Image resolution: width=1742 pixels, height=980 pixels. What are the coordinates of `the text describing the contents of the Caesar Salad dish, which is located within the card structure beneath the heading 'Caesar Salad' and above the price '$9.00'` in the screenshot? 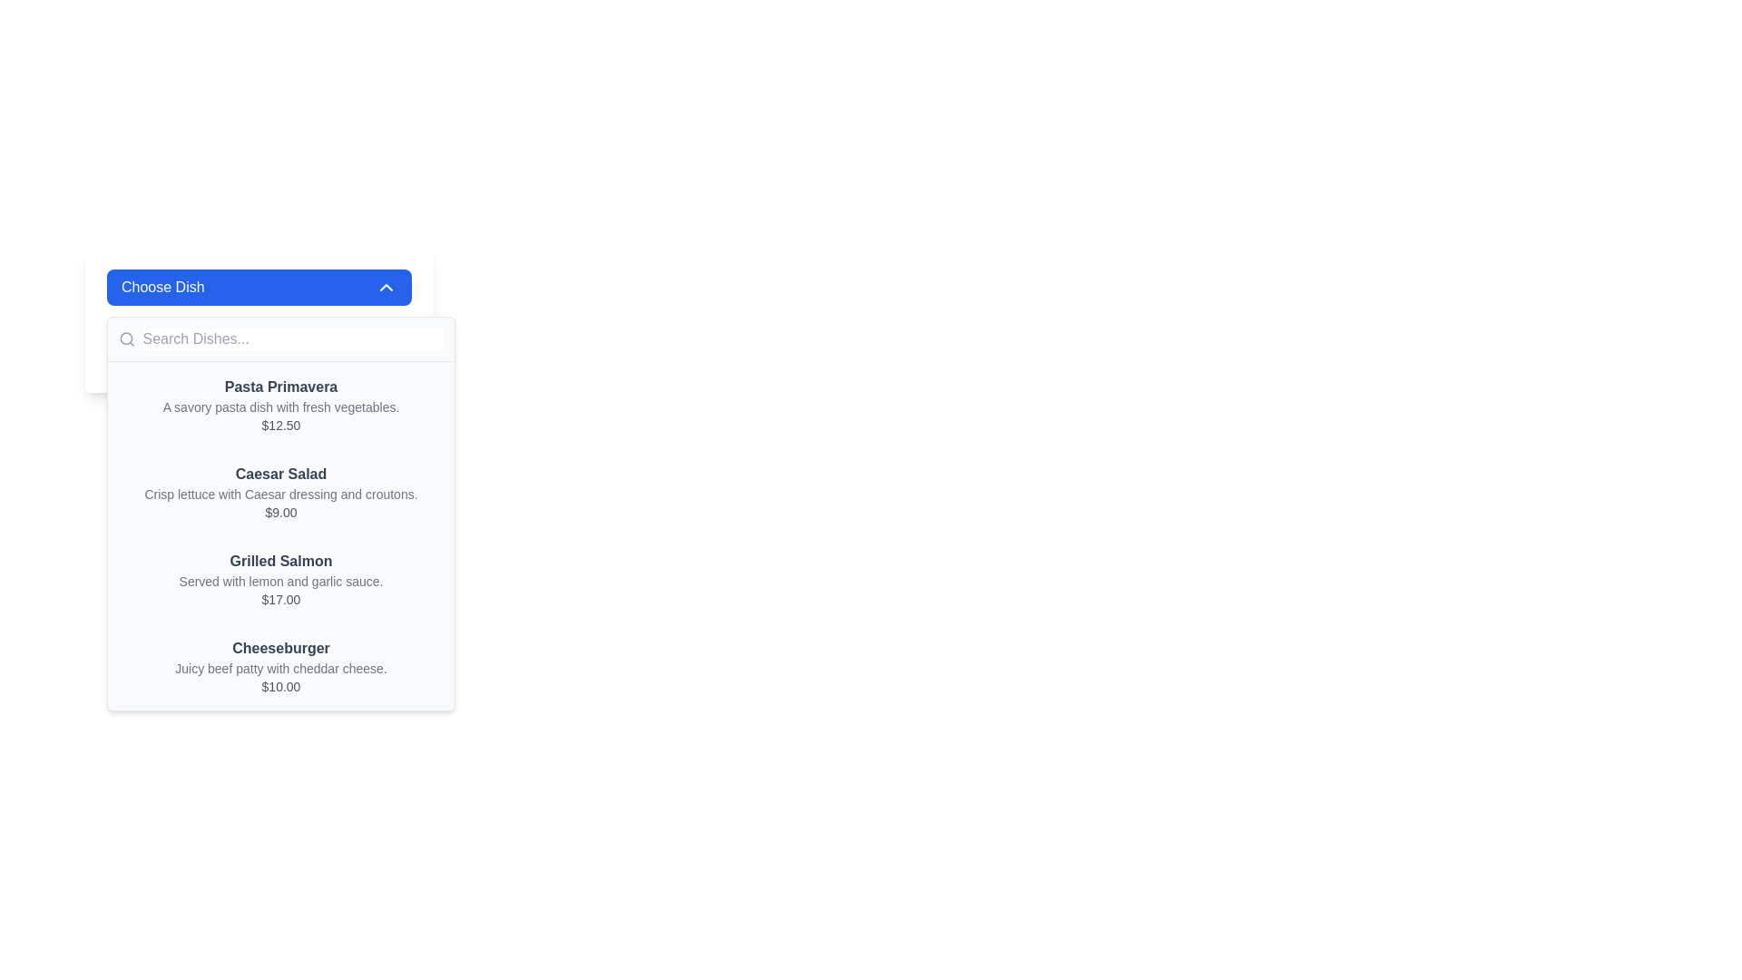 It's located at (280, 494).